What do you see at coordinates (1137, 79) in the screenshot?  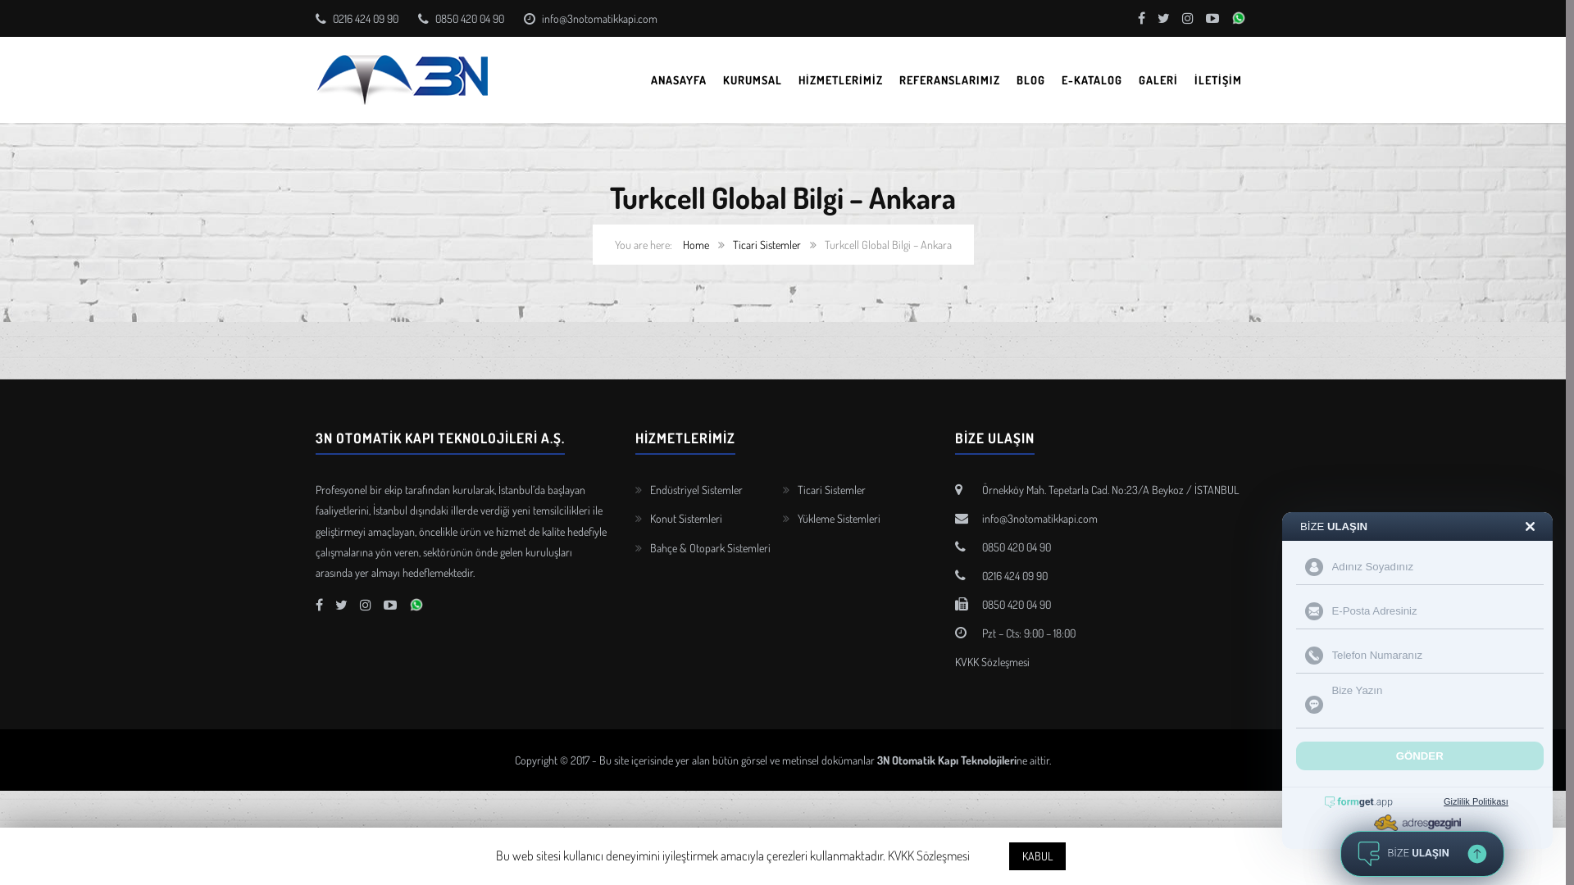 I see `'GALERI'` at bounding box center [1137, 79].